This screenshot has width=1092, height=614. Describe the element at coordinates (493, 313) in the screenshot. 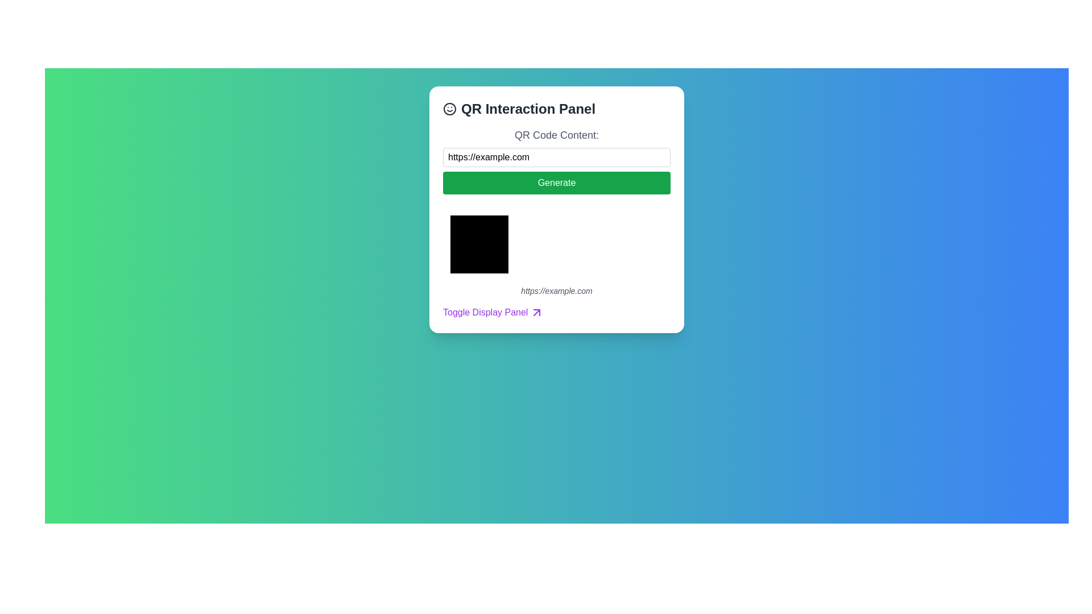

I see `the 'Toggle Display Panel' button with purple text and an arrow-up-right icon to underline the text` at that location.